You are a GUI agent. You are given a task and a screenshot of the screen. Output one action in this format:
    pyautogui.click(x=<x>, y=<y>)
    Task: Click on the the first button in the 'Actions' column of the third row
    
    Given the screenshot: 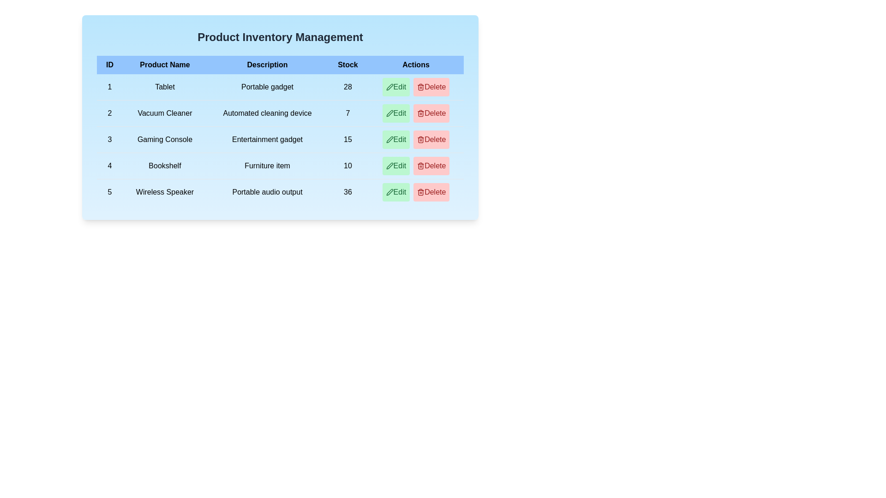 What is the action you would take?
    pyautogui.click(x=396, y=140)
    